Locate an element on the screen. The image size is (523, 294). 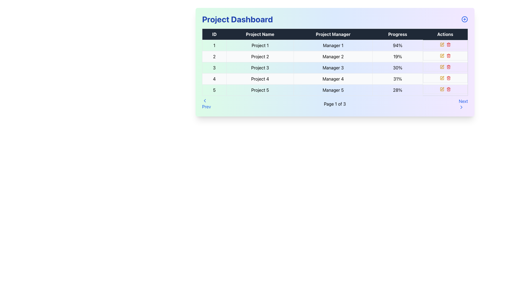
the trash icon button in the last column of the table corresponding to 'Project 3' is located at coordinates (448, 67).